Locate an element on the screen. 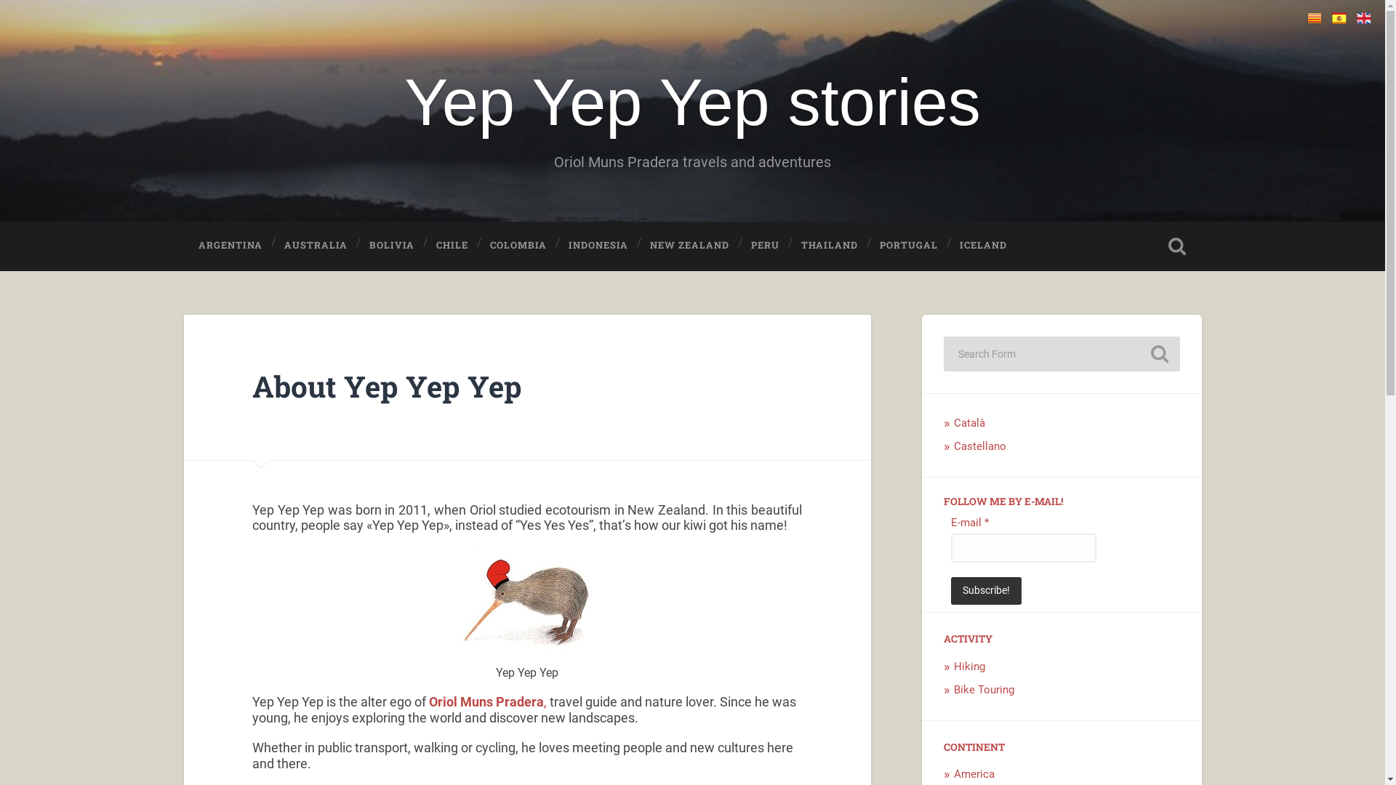 This screenshot has height=785, width=1396. 'ICELAND' is located at coordinates (983, 244).